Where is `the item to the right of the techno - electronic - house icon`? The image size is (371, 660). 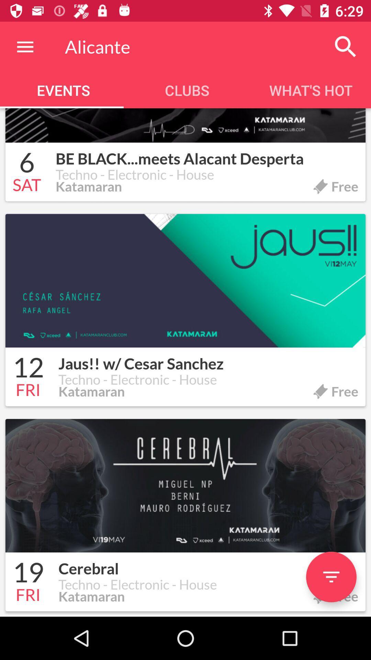 the item to the right of the techno - electronic - house icon is located at coordinates (331, 577).